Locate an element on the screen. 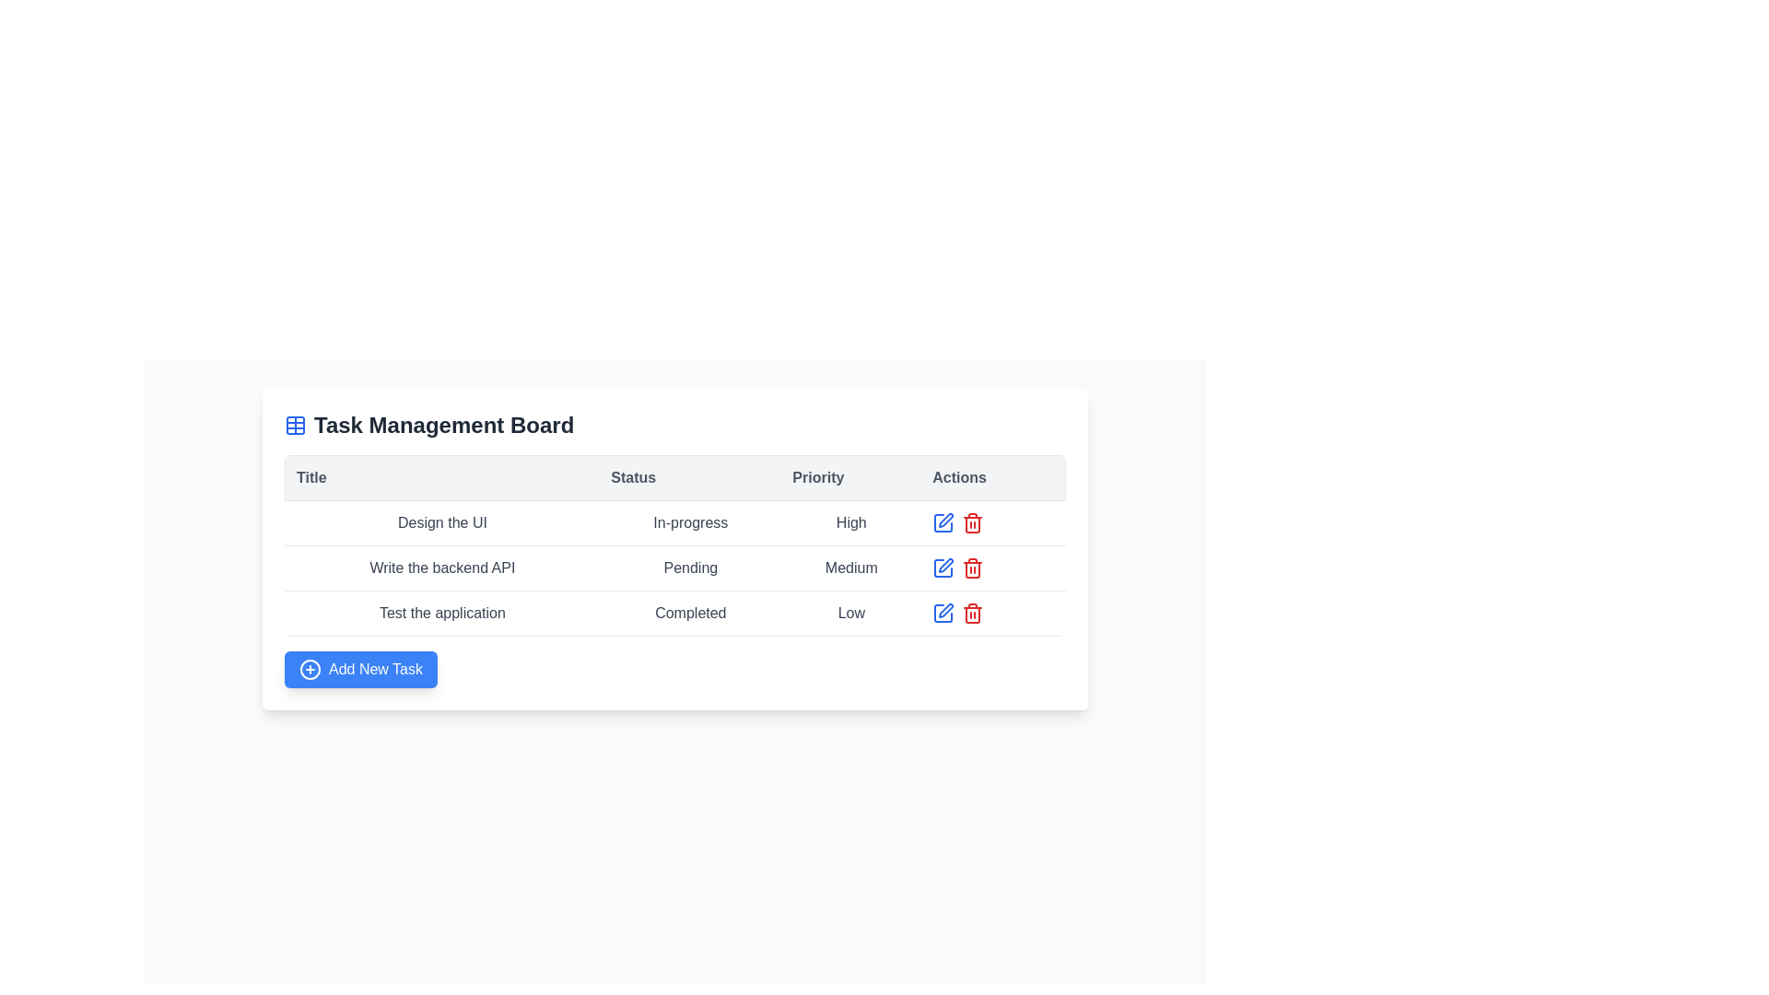  the action icons in the last row of the Actions column for the task titled 'Test the application' is located at coordinates (992, 614).